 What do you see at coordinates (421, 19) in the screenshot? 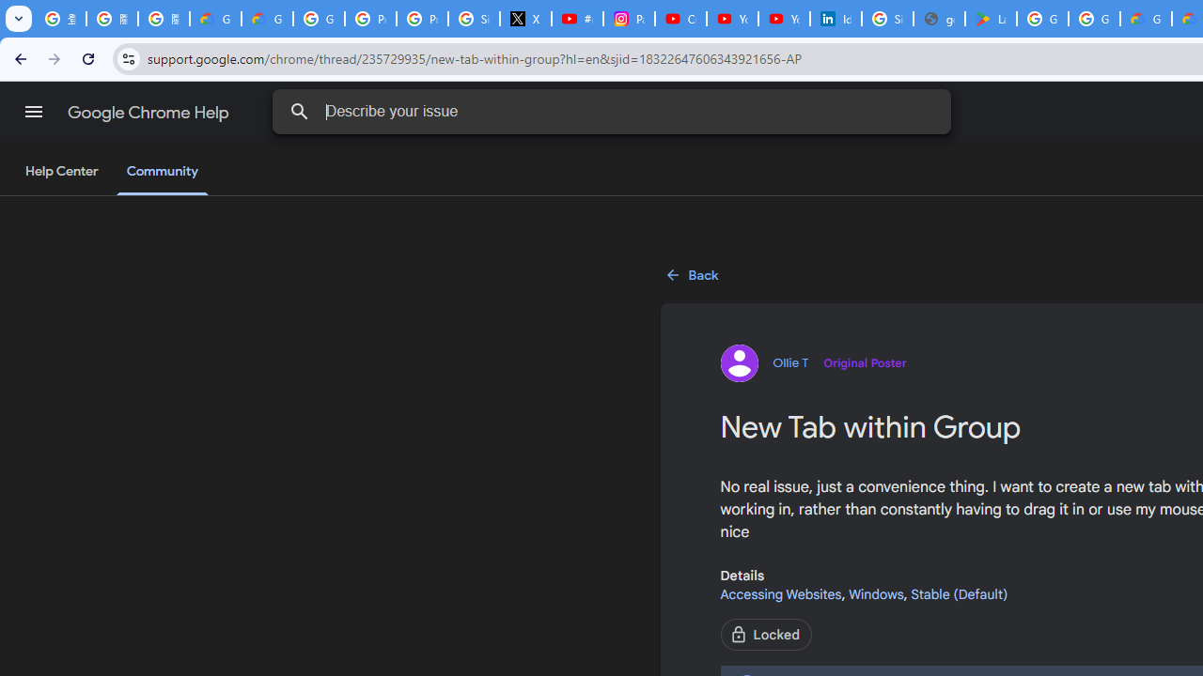
I see `'Privacy Help Center - Policies Help'` at bounding box center [421, 19].